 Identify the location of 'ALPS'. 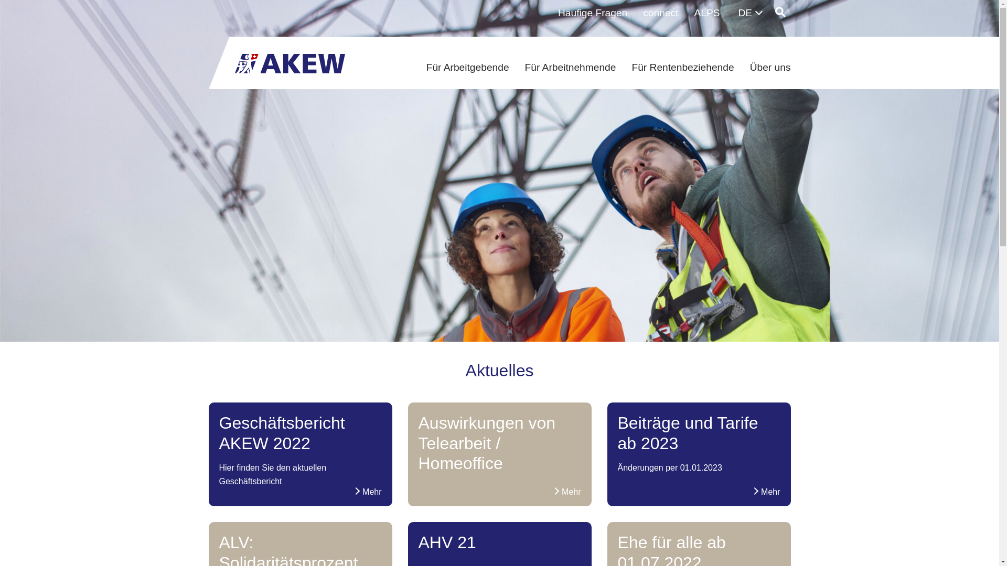
(706, 13).